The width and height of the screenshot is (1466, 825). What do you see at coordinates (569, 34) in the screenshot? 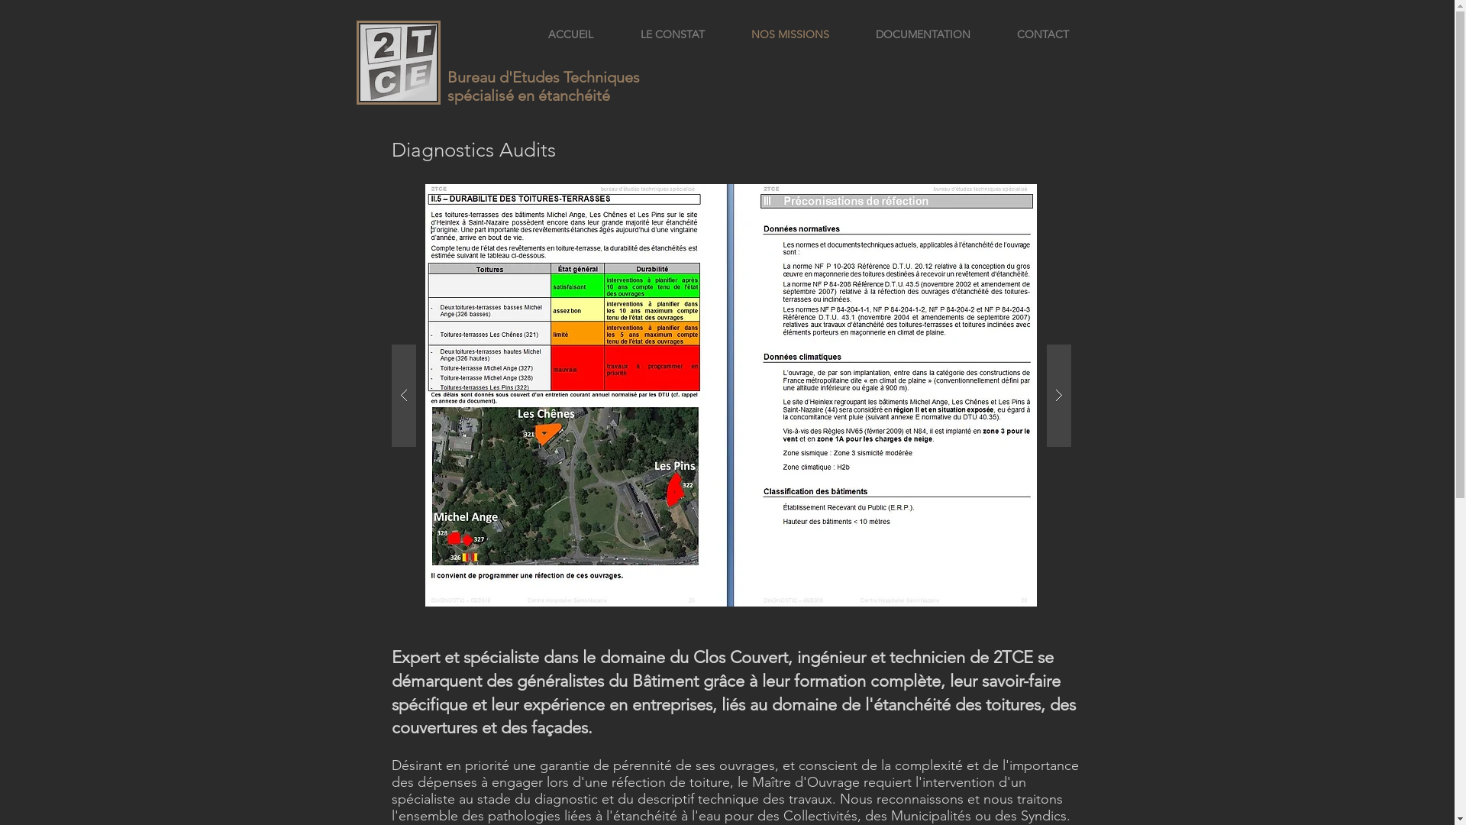
I see `'ACCUEIL'` at bounding box center [569, 34].